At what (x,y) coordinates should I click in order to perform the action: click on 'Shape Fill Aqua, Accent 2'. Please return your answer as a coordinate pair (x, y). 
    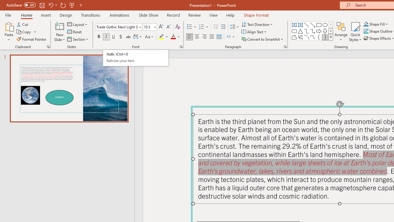
    Looking at the image, I should click on (366, 24).